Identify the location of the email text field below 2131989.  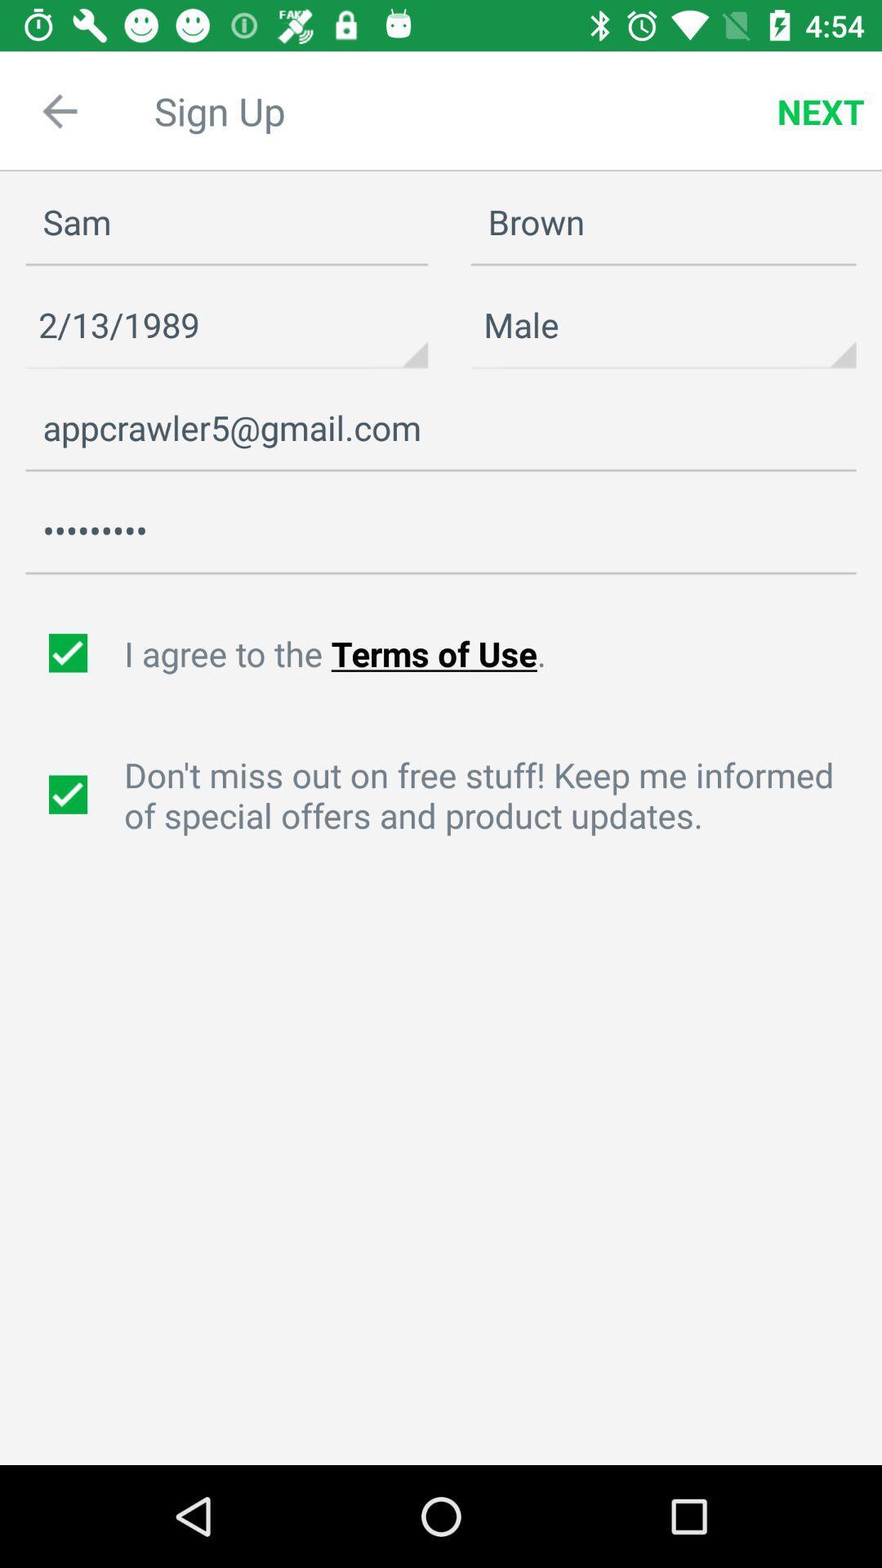
(441, 428).